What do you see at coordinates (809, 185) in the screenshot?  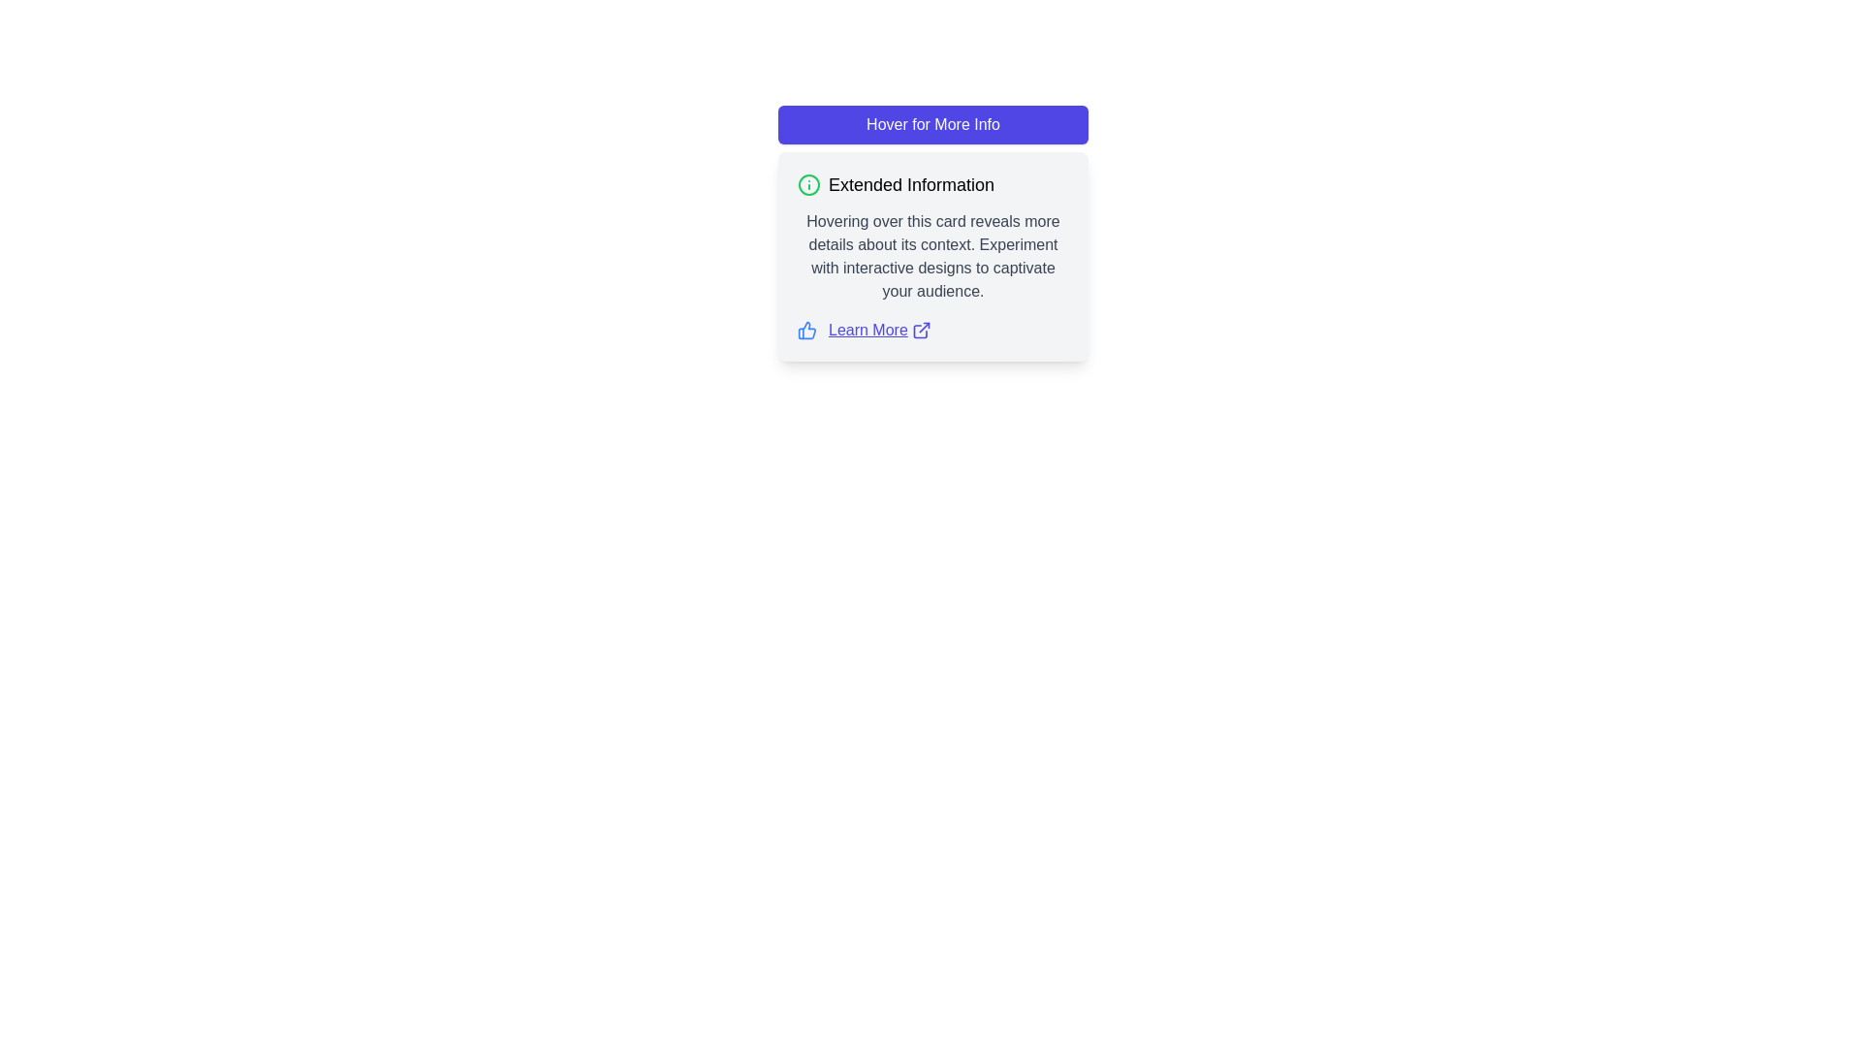 I see `the 'info' icon located to the left of the heading 'Extended Information'` at bounding box center [809, 185].